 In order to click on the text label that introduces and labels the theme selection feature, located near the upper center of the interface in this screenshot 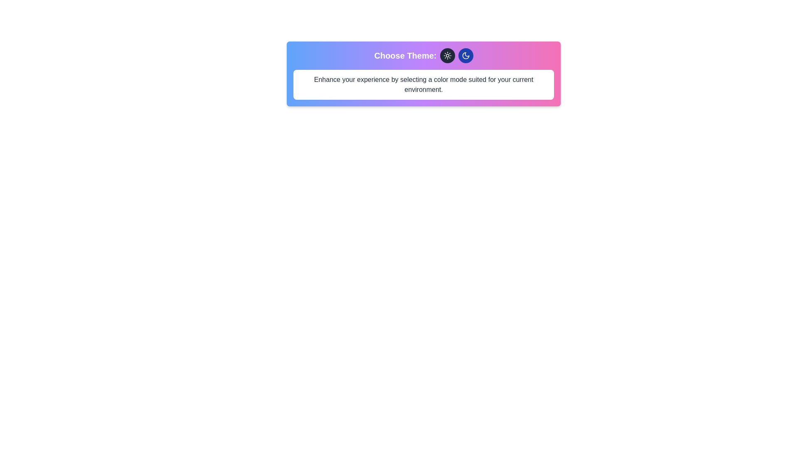, I will do `click(405, 56)`.